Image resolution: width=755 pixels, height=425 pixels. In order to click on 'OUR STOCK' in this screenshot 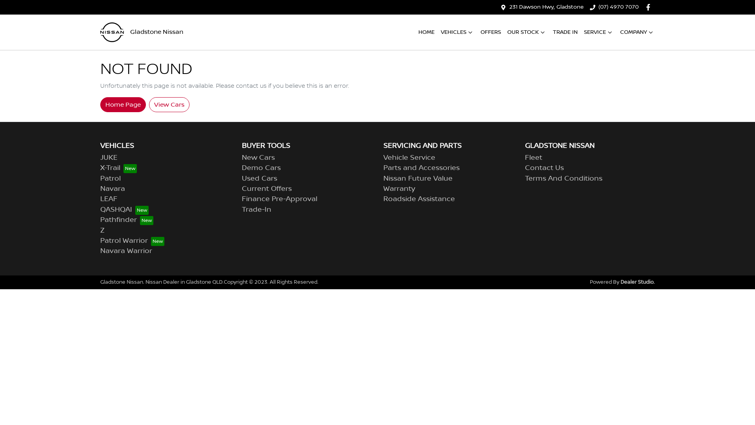, I will do `click(527, 32)`.